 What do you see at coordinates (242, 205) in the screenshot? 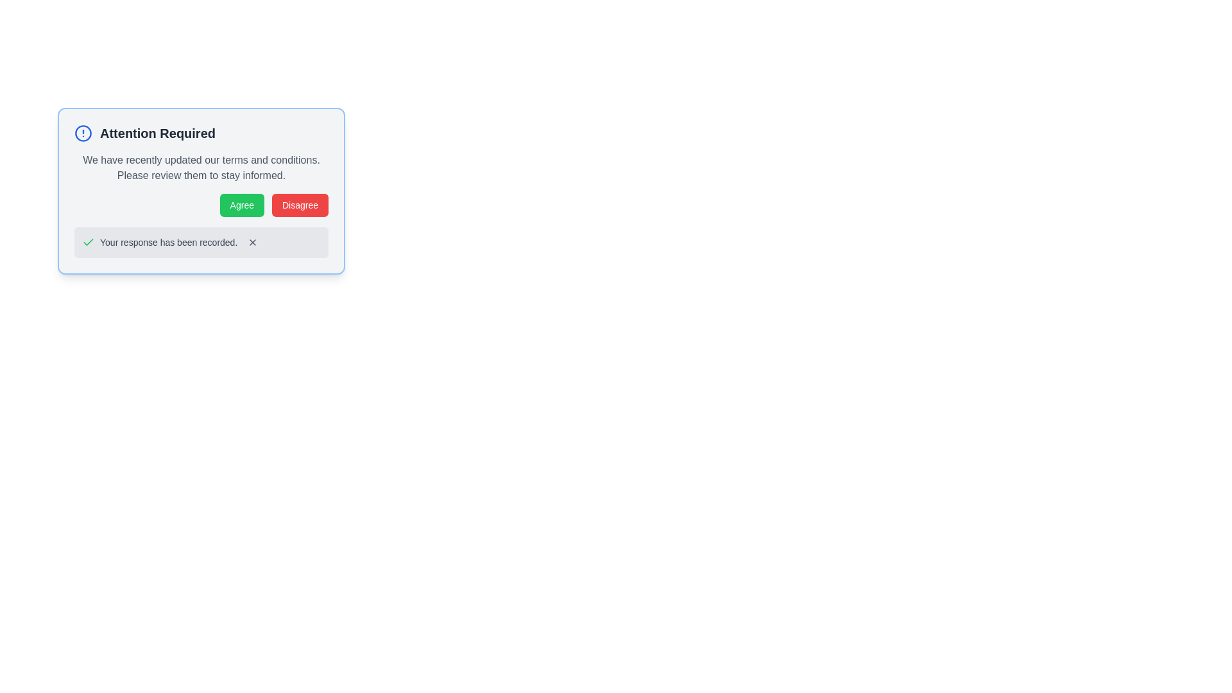
I see `the 'Agree' button located in the bottom right portion of the modal window to accept the presented message or prompt` at bounding box center [242, 205].